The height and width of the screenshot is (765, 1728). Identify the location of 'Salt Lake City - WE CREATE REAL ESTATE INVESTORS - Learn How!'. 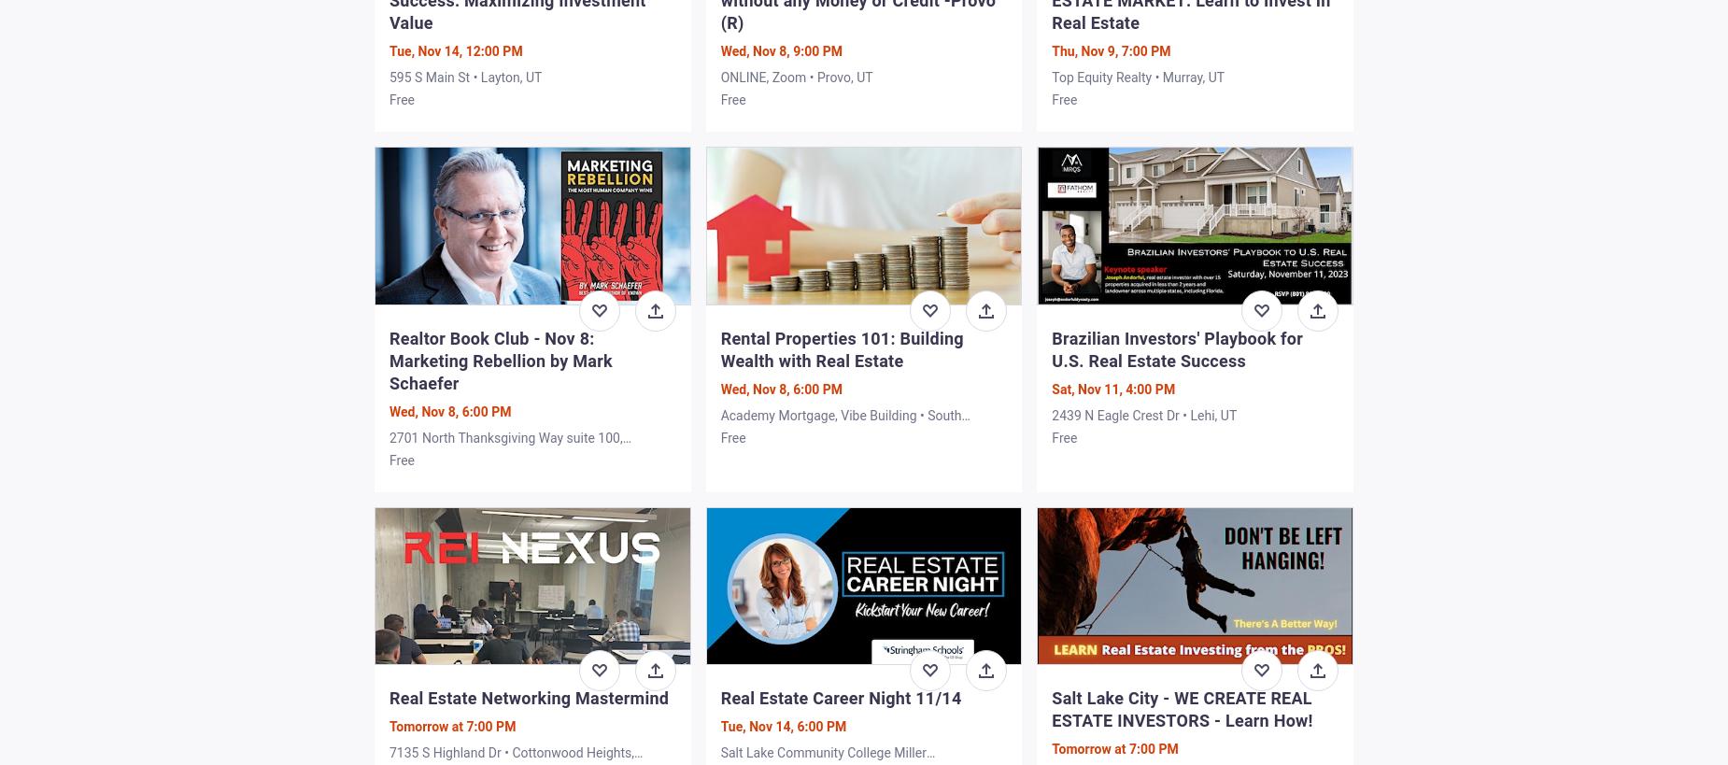
(1181, 707).